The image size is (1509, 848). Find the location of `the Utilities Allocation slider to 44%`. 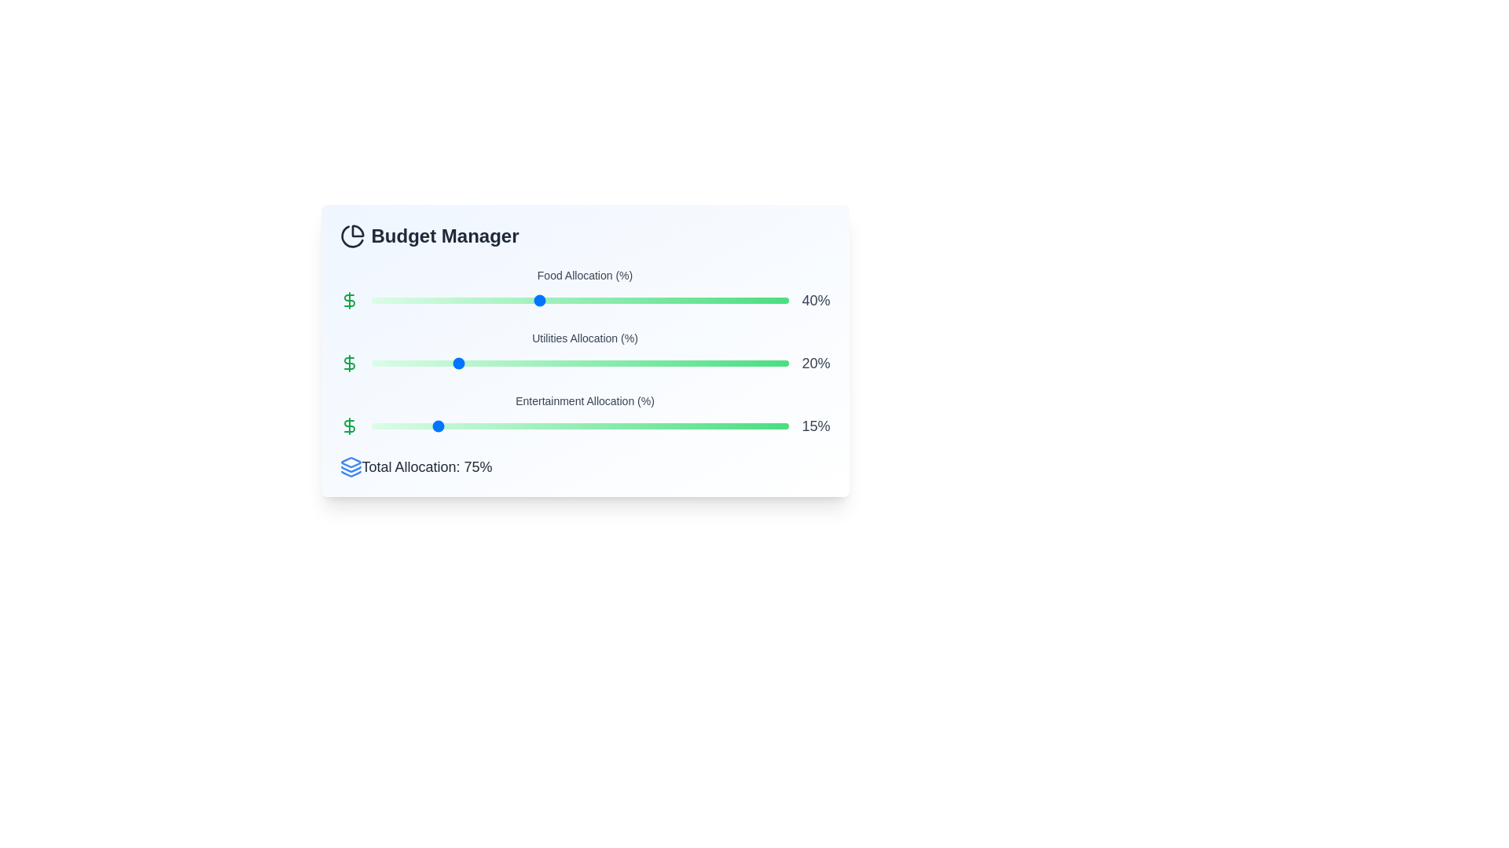

the Utilities Allocation slider to 44% is located at coordinates (555, 363).